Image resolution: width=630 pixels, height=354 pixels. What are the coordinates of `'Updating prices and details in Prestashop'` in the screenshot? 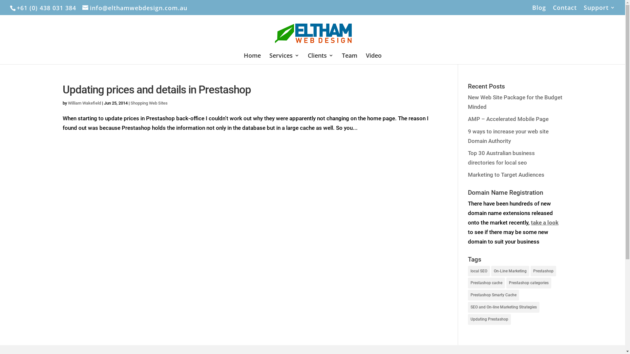 It's located at (156, 89).